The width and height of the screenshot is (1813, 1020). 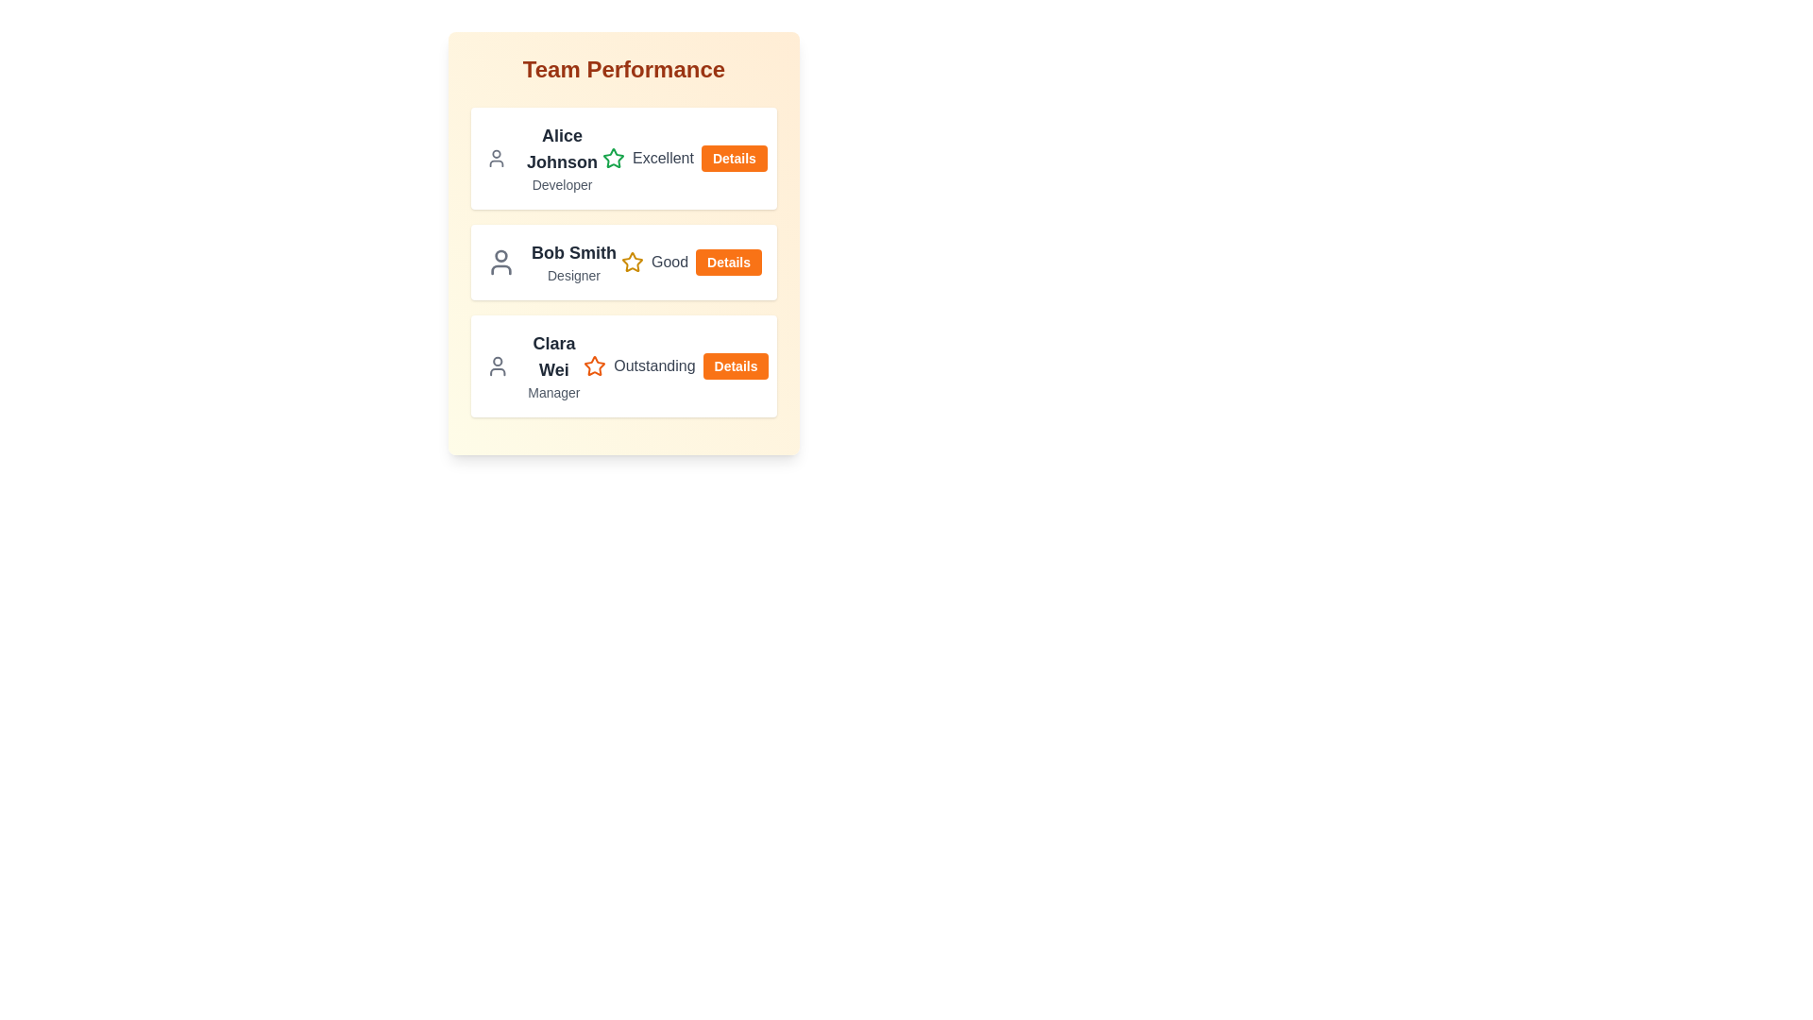 What do you see at coordinates (631, 262) in the screenshot?
I see `the performance star icon for Bob Smith` at bounding box center [631, 262].